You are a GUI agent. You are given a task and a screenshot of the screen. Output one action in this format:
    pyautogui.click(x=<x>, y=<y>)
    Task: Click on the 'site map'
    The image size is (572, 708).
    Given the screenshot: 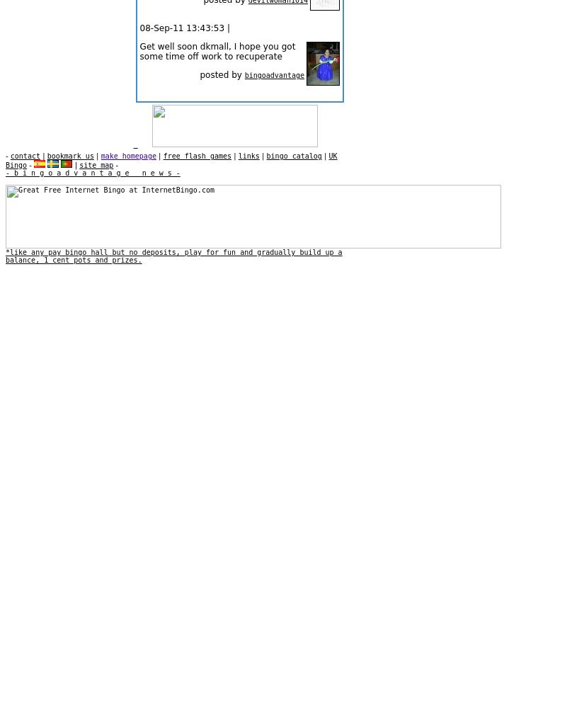 What is the action you would take?
    pyautogui.click(x=95, y=164)
    